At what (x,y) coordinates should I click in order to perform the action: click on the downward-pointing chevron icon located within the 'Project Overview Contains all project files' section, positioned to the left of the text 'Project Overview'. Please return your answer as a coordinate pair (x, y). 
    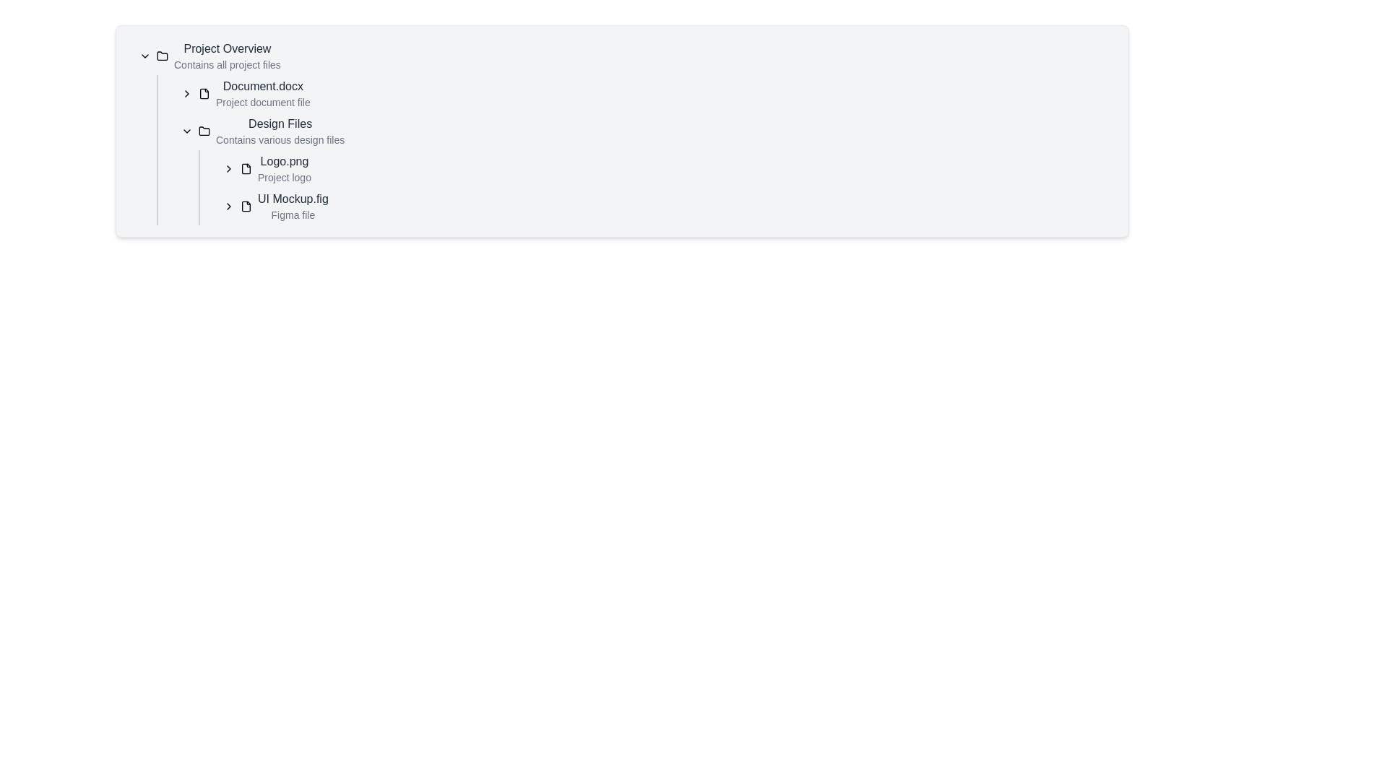
    Looking at the image, I should click on (145, 55).